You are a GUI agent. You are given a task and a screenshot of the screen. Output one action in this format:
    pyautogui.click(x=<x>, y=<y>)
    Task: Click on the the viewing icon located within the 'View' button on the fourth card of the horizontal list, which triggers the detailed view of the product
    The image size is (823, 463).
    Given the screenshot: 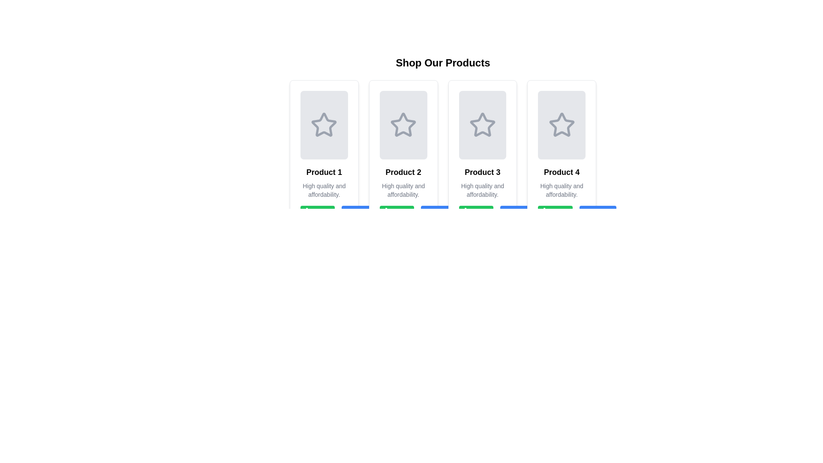 What is the action you would take?
    pyautogui.click(x=510, y=212)
    